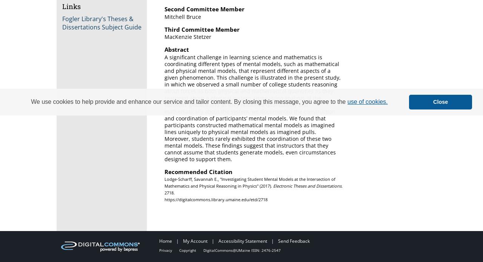  Describe the element at coordinates (176, 49) in the screenshot. I see `'Abstract'` at that location.